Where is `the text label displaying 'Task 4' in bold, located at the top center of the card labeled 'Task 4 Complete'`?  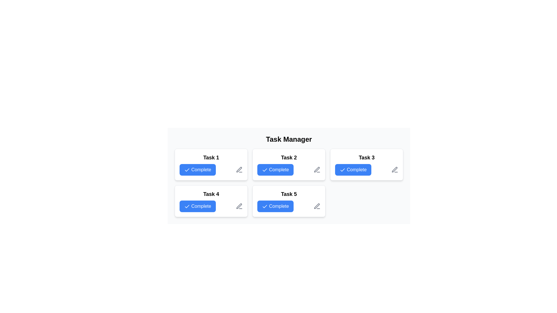 the text label displaying 'Task 4' in bold, located at the top center of the card labeled 'Task 4 Complete' is located at coordinates (211, 194).